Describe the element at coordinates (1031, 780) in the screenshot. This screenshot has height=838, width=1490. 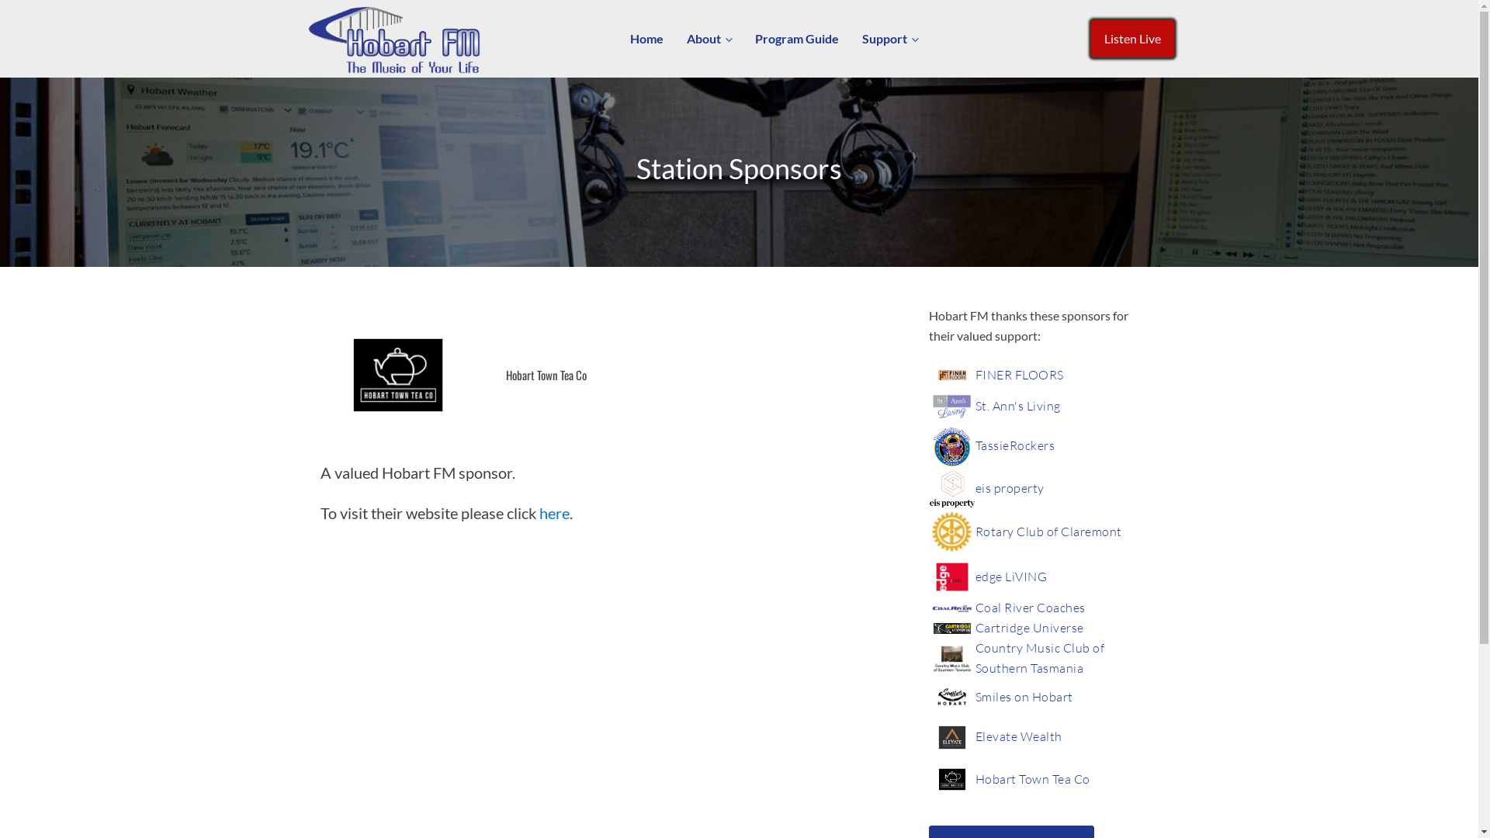
I see `'Hobart Town Tea Co'` at that location.